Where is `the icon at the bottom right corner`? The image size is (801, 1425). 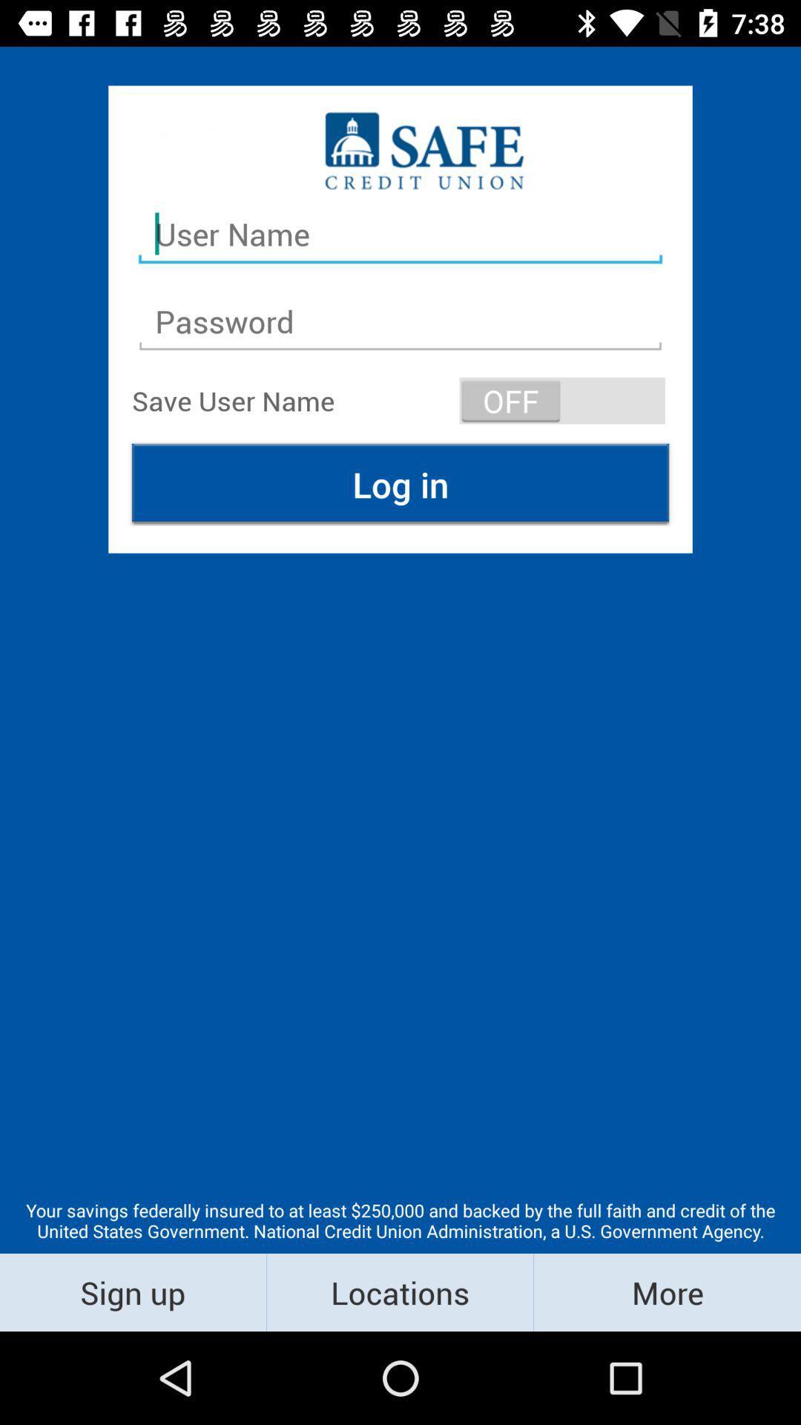
the icon at the bottom right corner is located at coordinates (666, 1291).